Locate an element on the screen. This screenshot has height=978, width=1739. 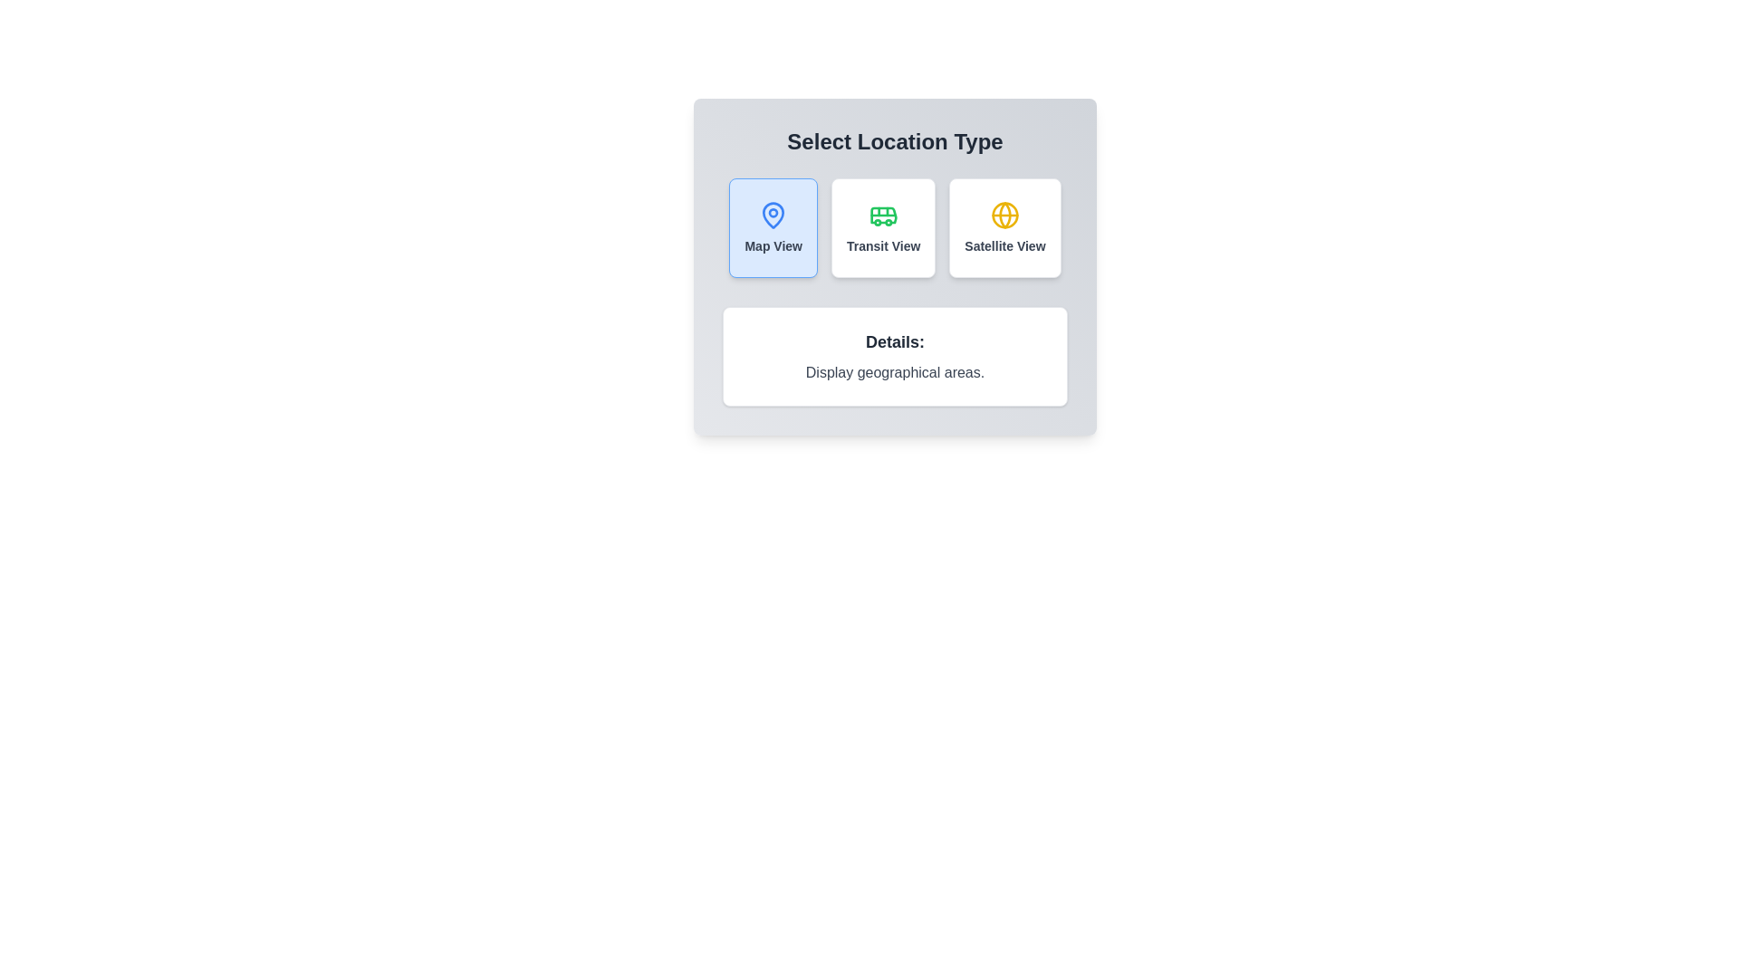
the yellow globe icon representing 'Satellite View' in the third button of the 'Select Location Type' interface is located at coordinates (1004, 215).